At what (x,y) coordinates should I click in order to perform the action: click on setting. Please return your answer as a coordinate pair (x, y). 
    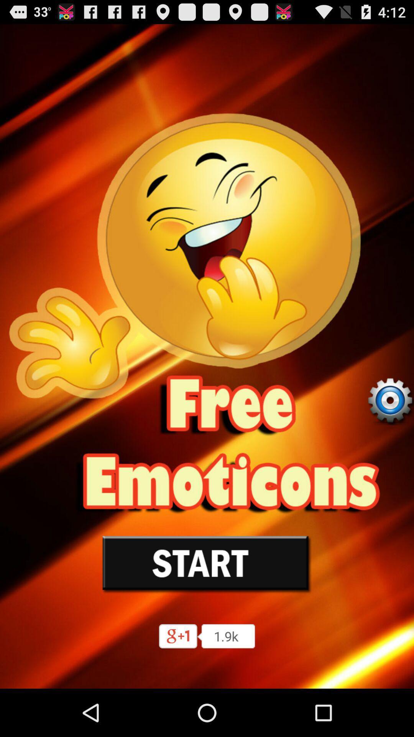
    Looking at the image, I should click on (390, 400).